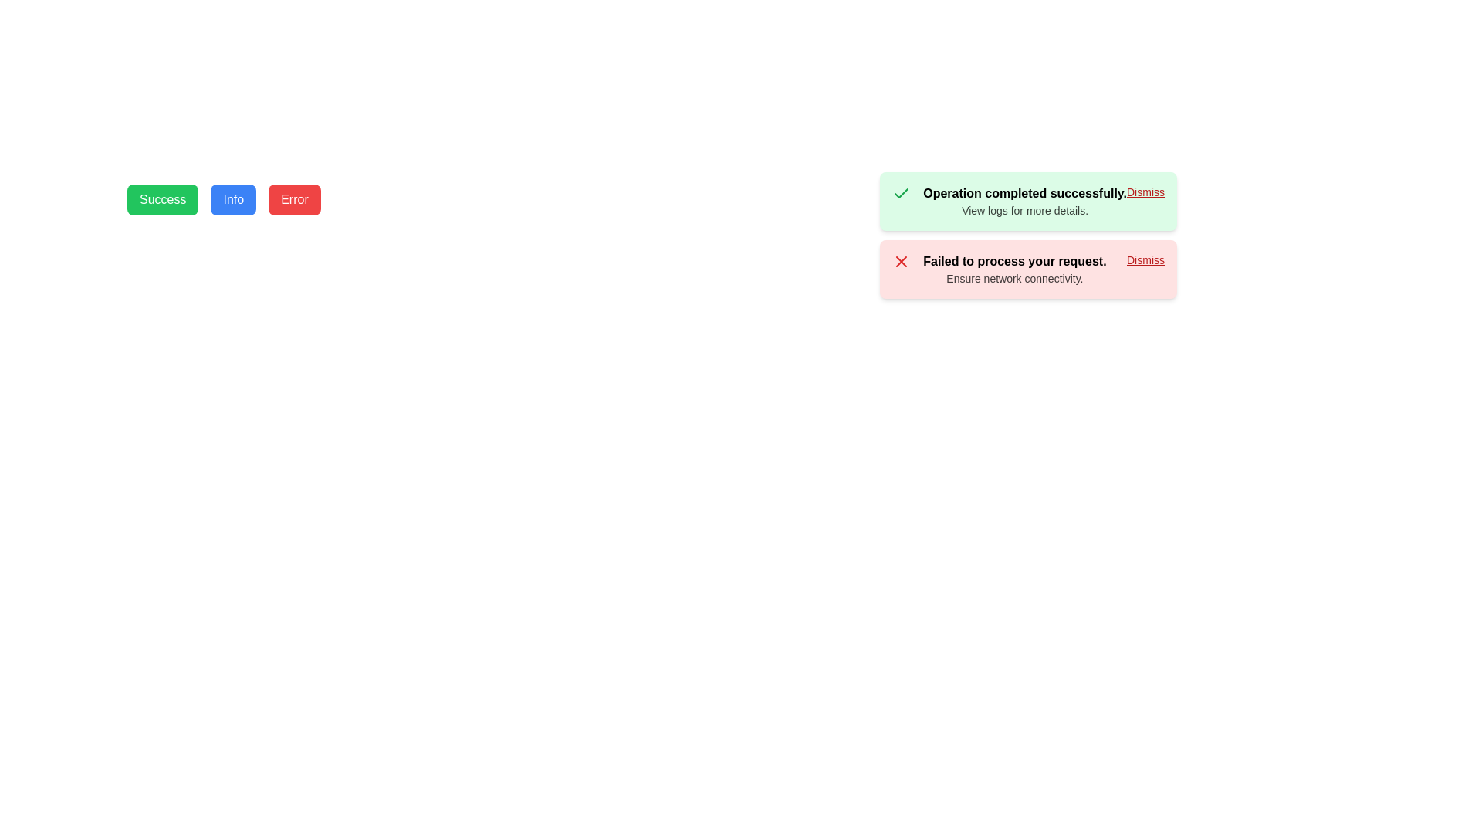 This screenshot has width=1482, height=834. Describe the element at coordinates (294, 198) in the screenshot. I see `the 'Error' button, which is the third button in a sequence with a red background and white text` at that location.